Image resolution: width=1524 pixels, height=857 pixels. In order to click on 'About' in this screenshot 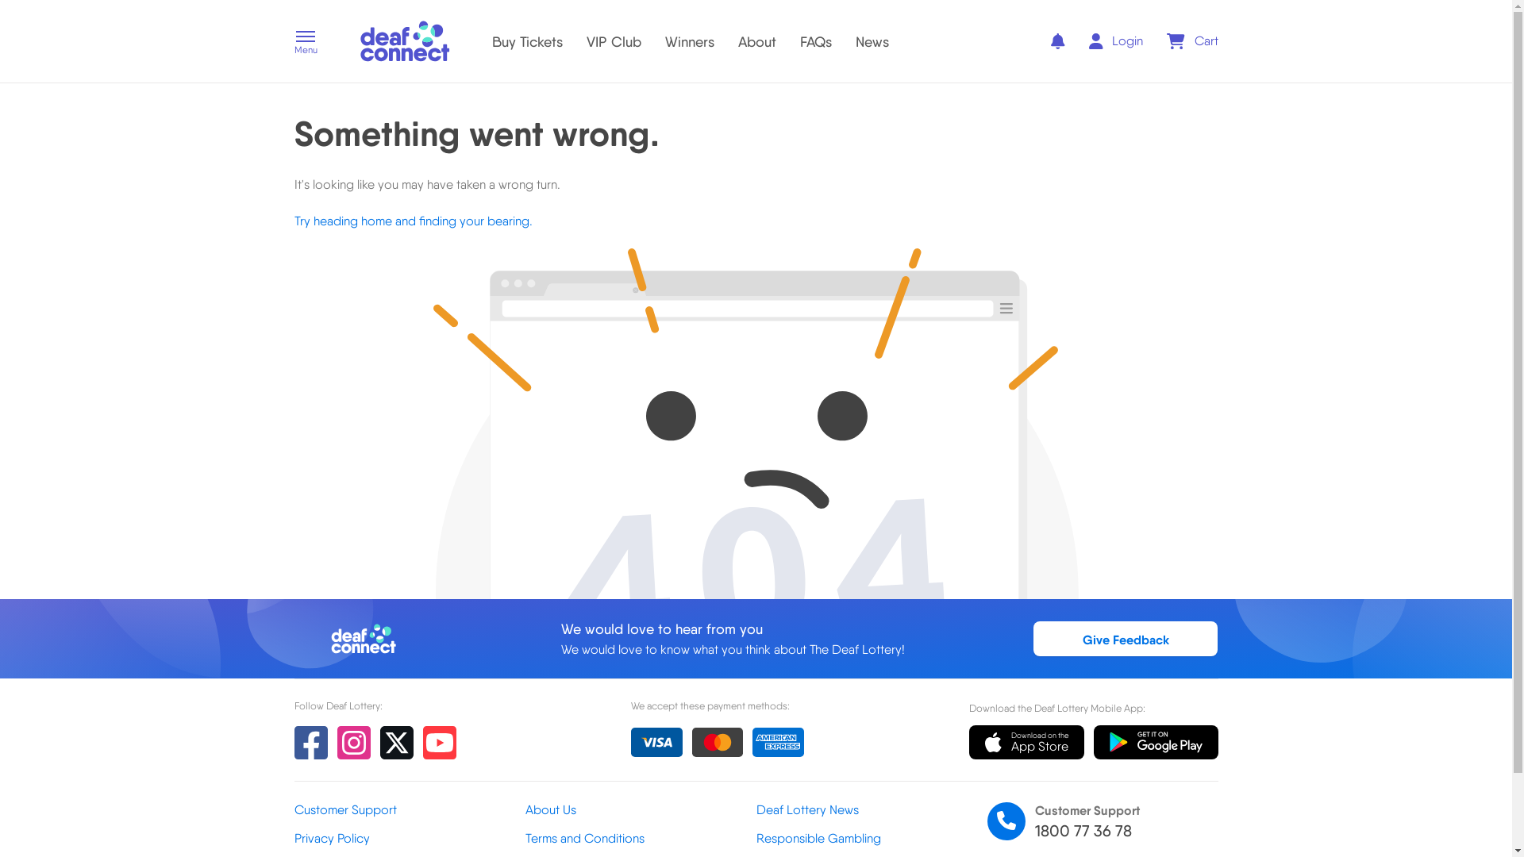, I will do `click(737, 40)`.